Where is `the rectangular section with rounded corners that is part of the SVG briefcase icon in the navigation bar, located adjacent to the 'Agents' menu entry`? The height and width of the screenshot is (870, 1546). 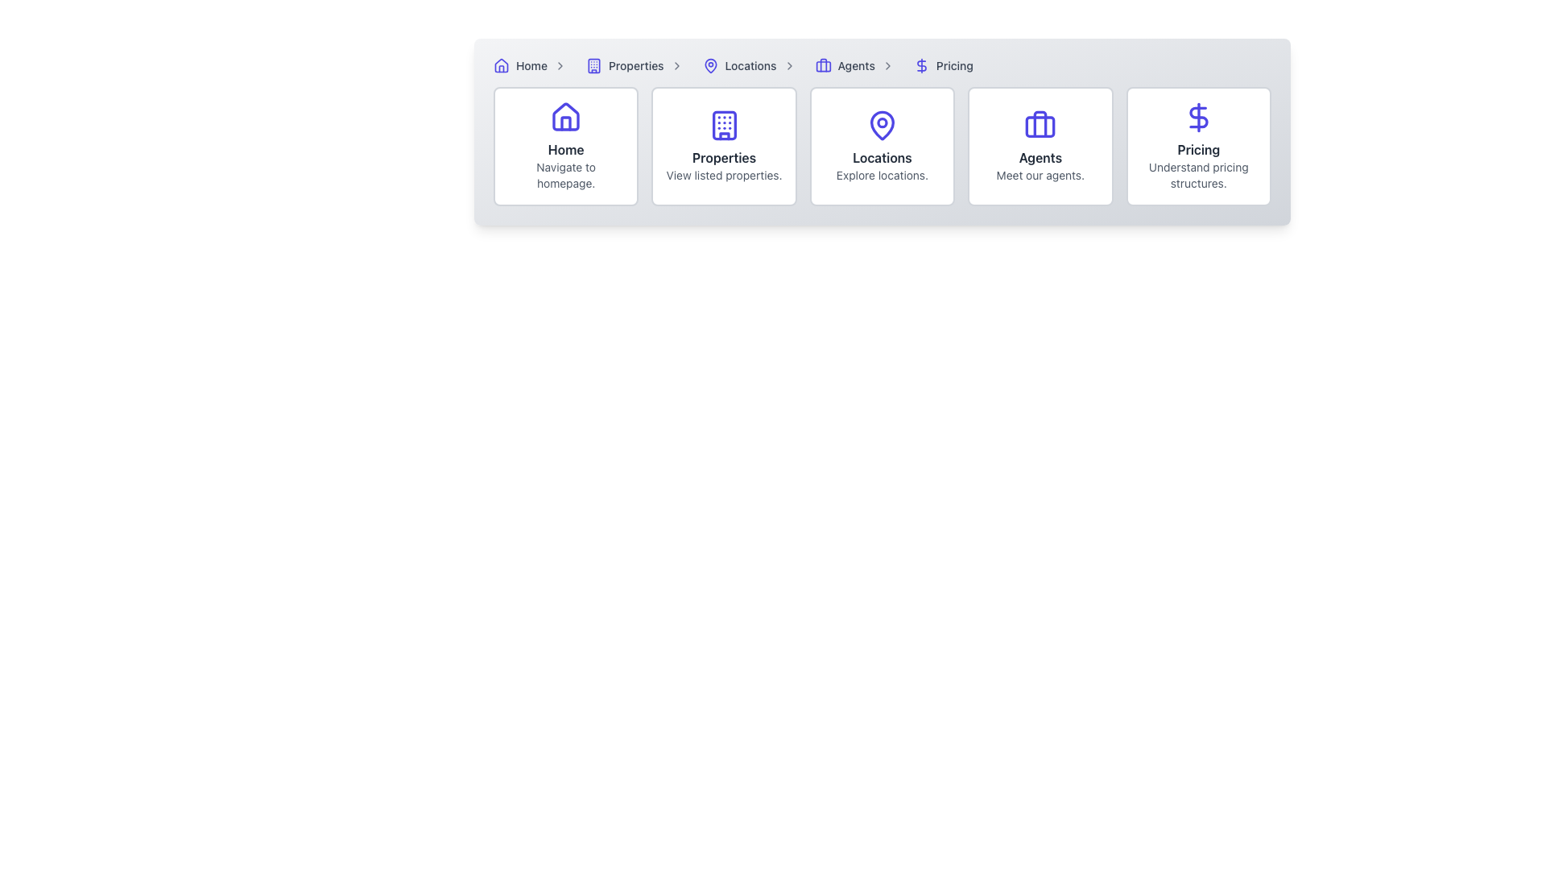 the rectangular section with rounded corners that is part of the SVG briefcase icon in the navigation bar, located adjacent to the 'Agents' menu entry is located at coordinates (823, 65).